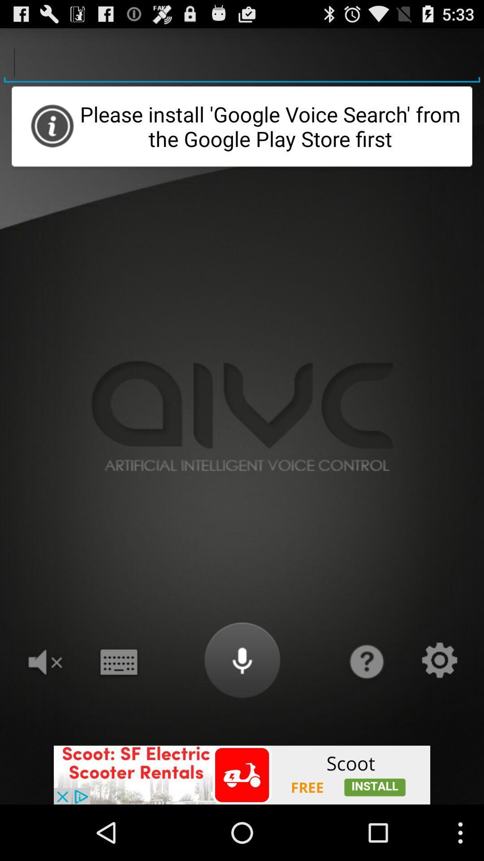 The image size is (484, 861). I want to click on the date_range icon, so click(118, 706).